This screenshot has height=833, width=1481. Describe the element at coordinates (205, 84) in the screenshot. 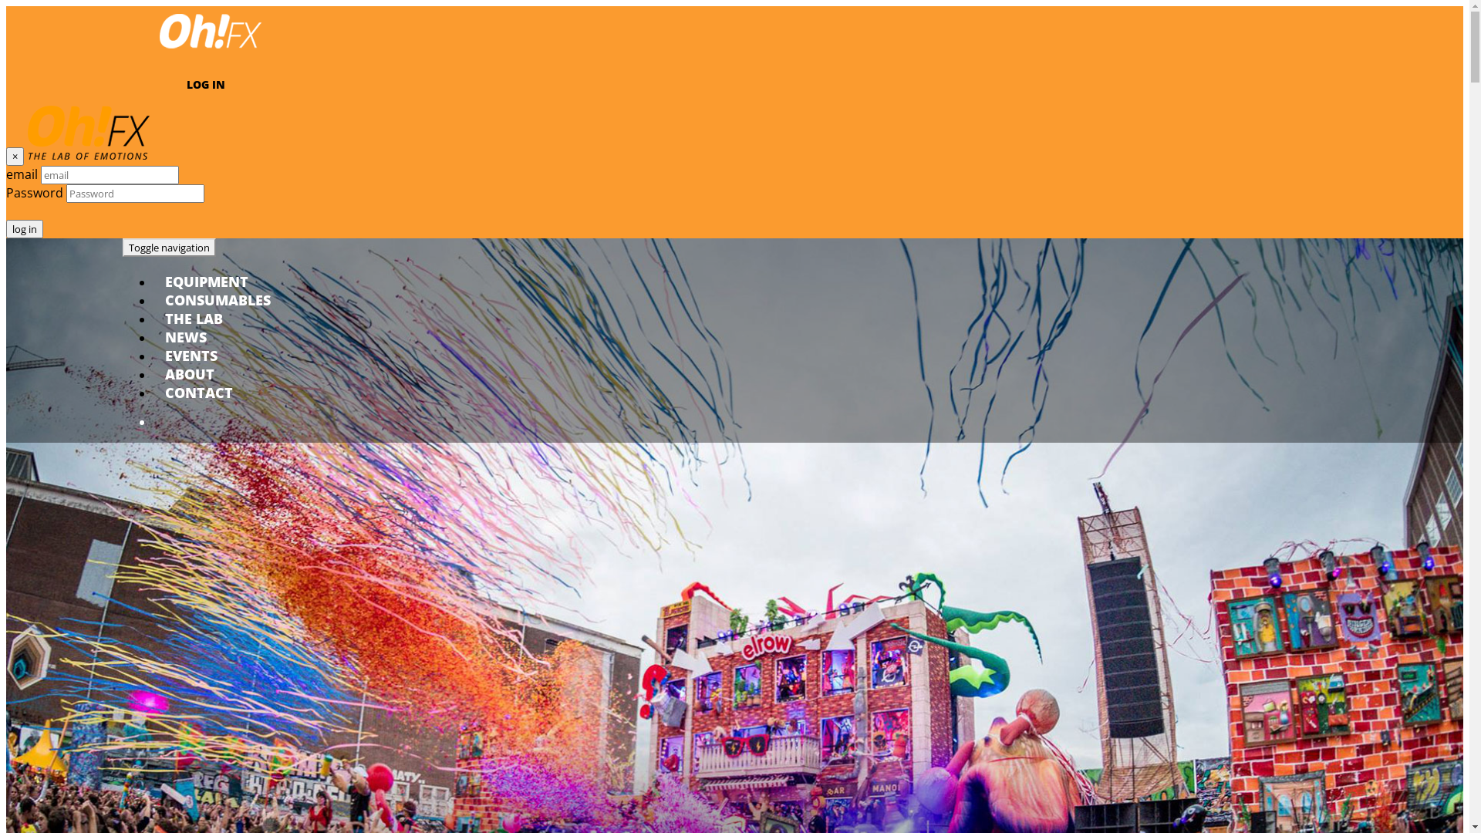

I see `'LOG IN'` at that location.